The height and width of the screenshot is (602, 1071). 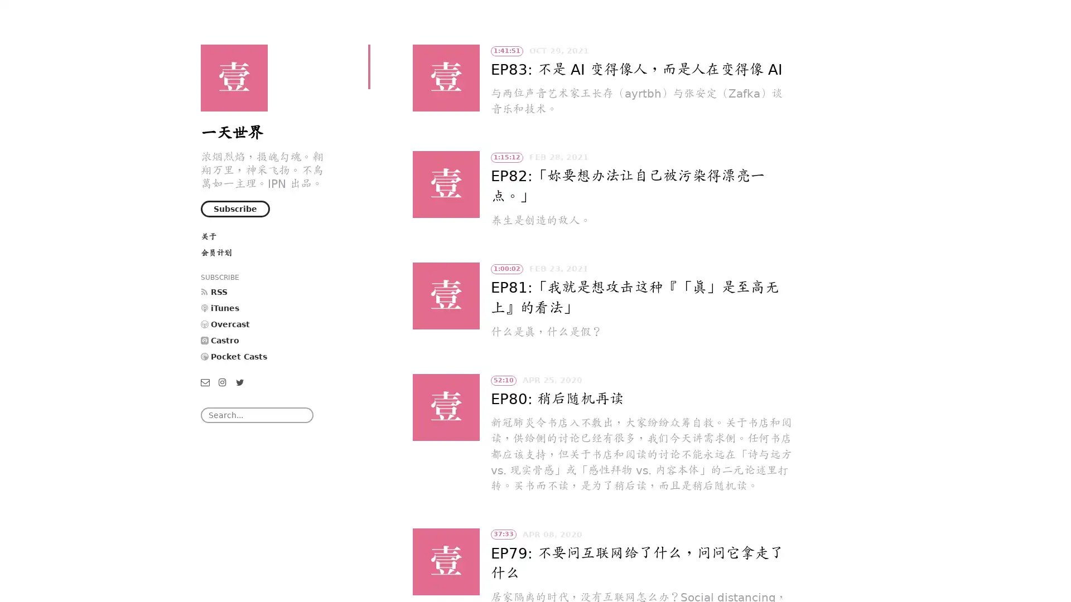 What do you see at coordinates (235, 208) in the screenshot?
I see `Subscribe` at bounding box center [235, 208].